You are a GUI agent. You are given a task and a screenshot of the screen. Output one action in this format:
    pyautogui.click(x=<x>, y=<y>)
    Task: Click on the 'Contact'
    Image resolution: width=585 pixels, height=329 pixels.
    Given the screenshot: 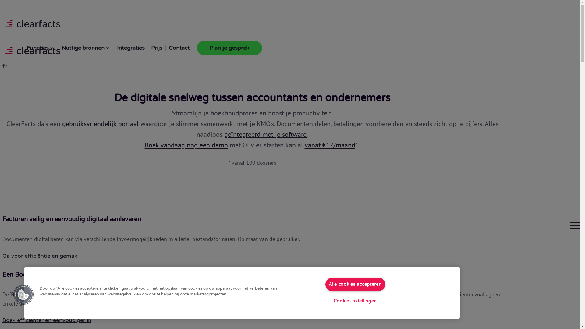 What is the action you would take?
    pyautogui.click(x=179, y=48)
    